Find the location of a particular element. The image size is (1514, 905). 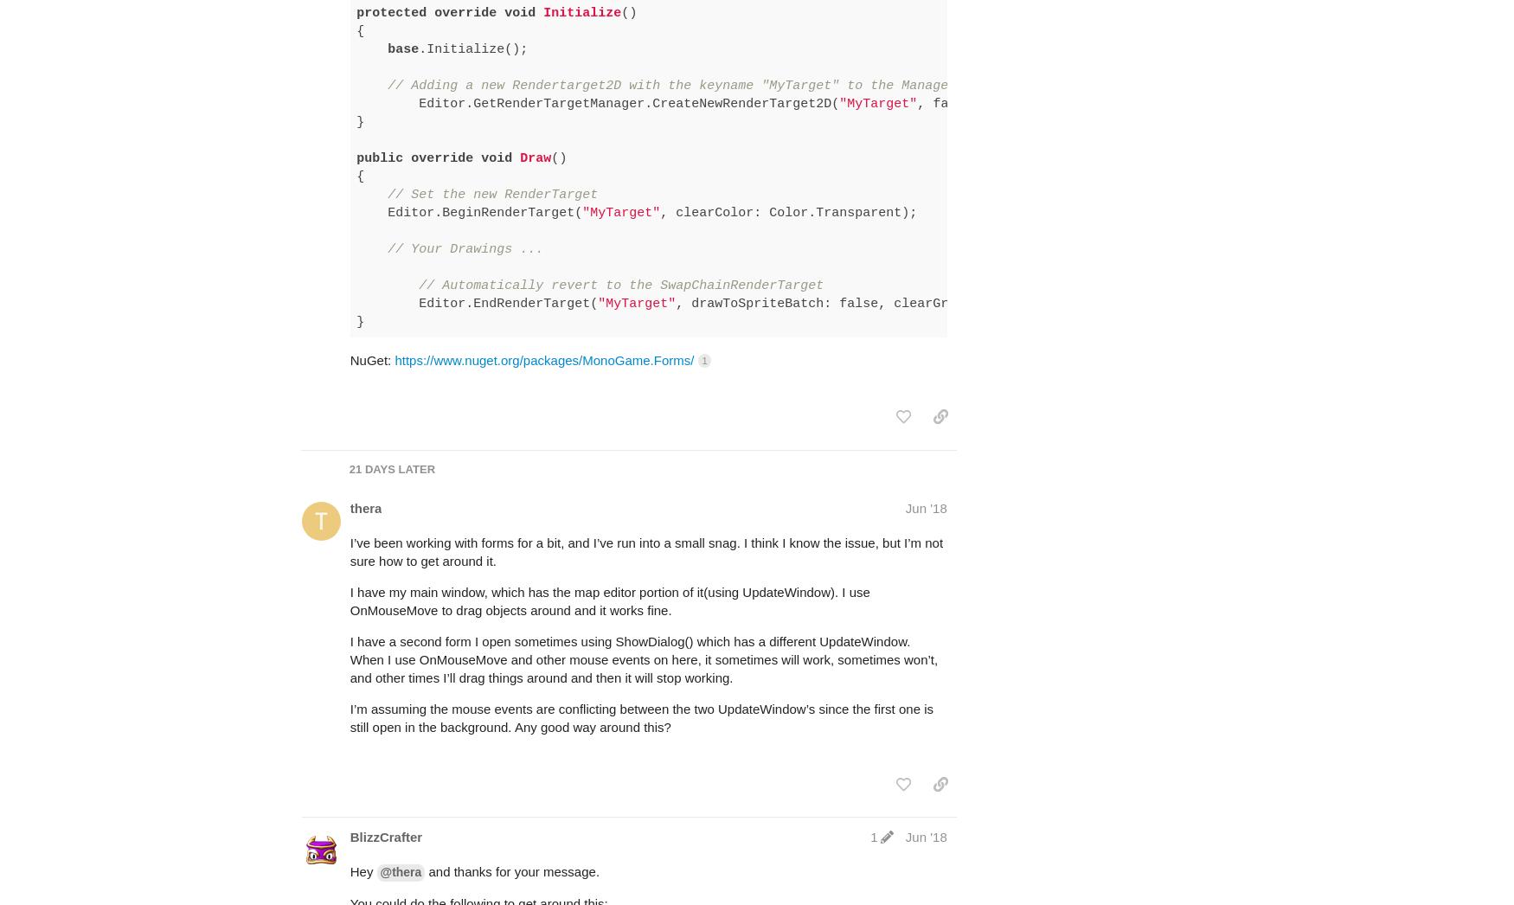

', clearColor: Color.Transparent);' is located at coordinates (637, 163).